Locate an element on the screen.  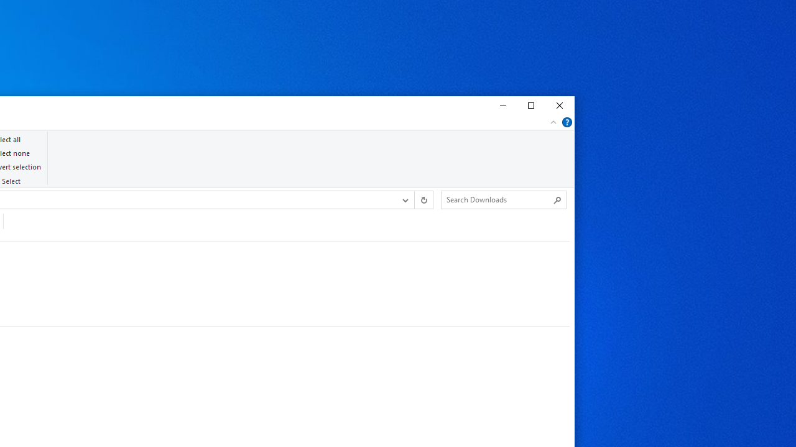
'Address band toolbar' is located at coordinates (414, 199).